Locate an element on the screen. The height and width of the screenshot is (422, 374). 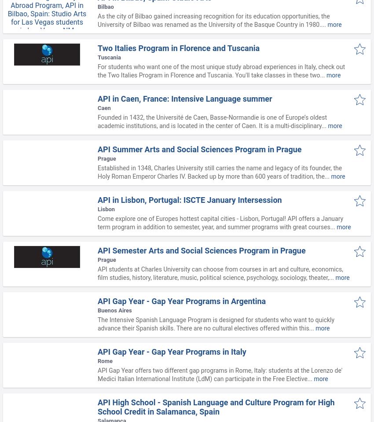
'Lisbon' is located at coordinates (98, 209).